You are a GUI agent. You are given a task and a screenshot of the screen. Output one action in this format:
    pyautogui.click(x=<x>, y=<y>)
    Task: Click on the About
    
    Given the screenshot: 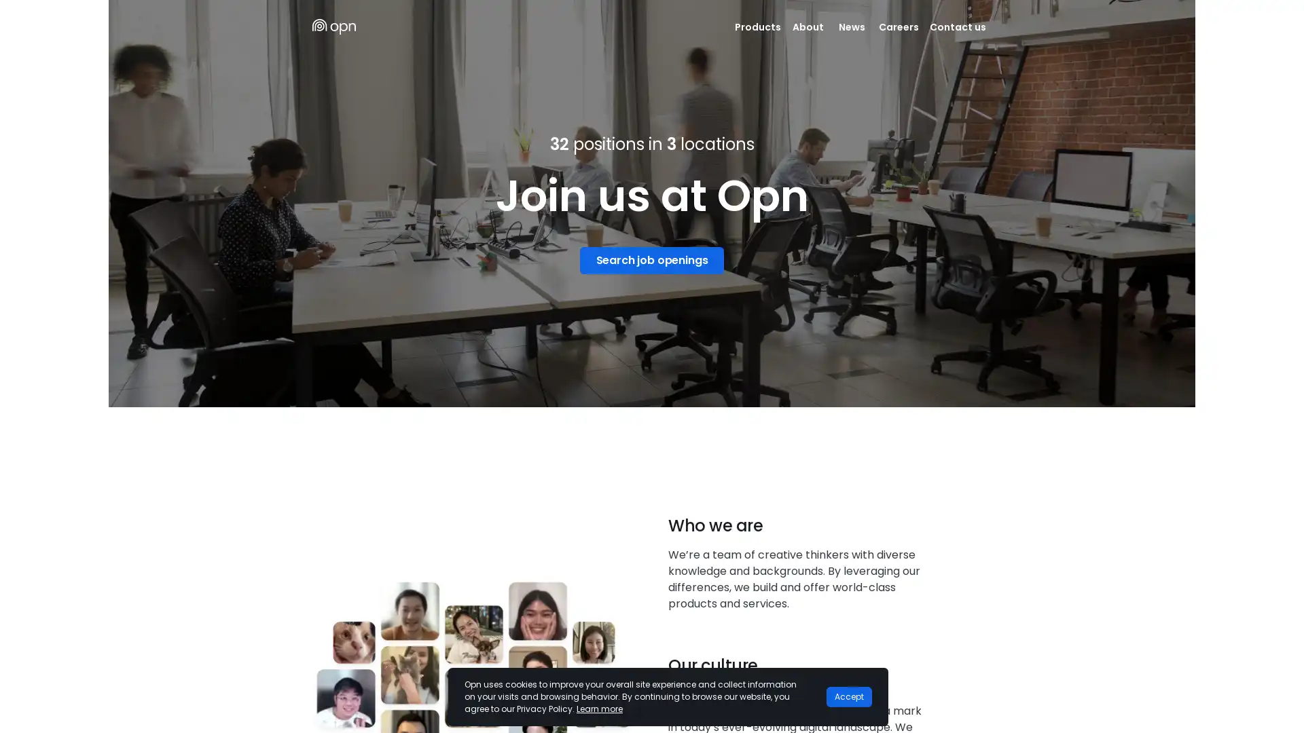 What is the action you would take?
    pyautogui.click(x=808, y=26)
    